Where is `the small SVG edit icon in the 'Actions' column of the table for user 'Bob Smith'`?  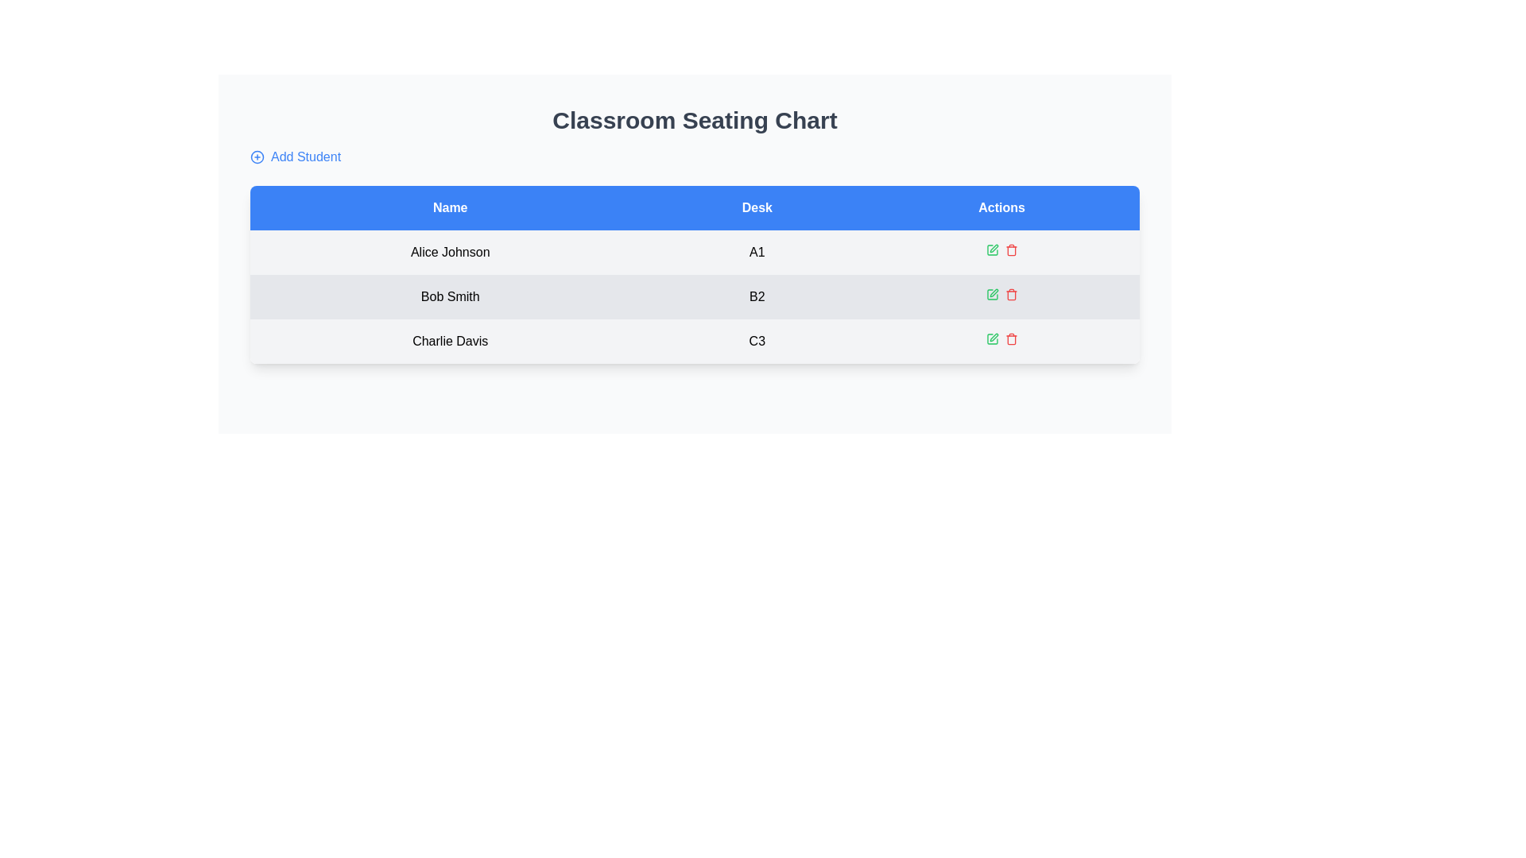
the small SVG edit icon in the 'Actions' column of the table for user 'Bob Smith' is located at coordinates (993, 293).